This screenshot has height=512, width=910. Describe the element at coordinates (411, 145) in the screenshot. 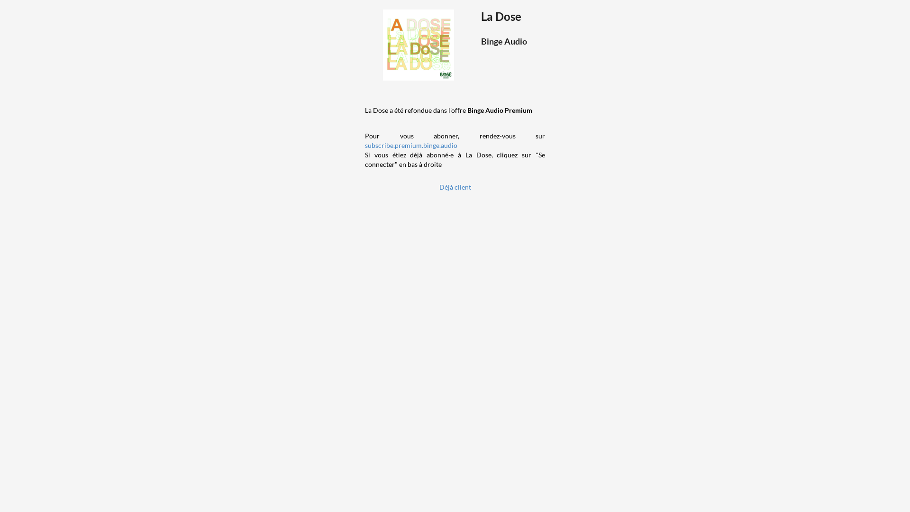

I see `'subscribe.premium.binge.audio'` at that location.